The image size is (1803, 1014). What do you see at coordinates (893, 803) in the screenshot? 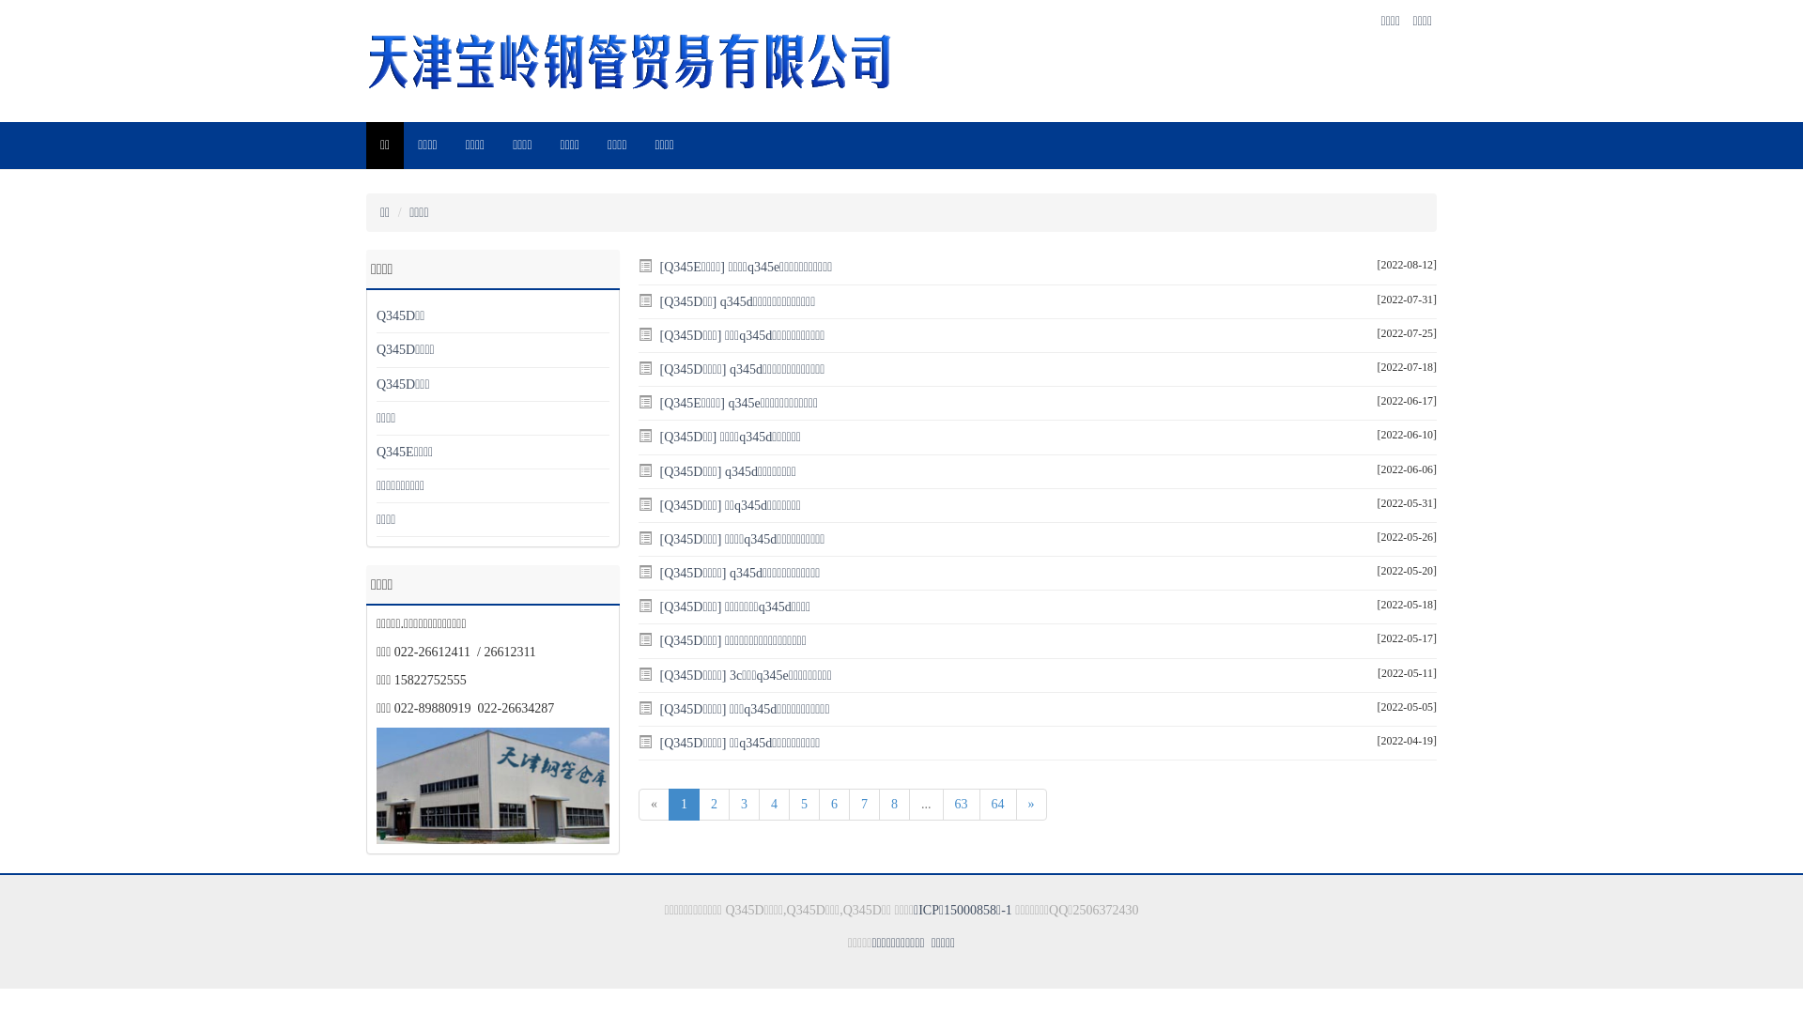
I see `'8'` at bounding box center [893, 803].